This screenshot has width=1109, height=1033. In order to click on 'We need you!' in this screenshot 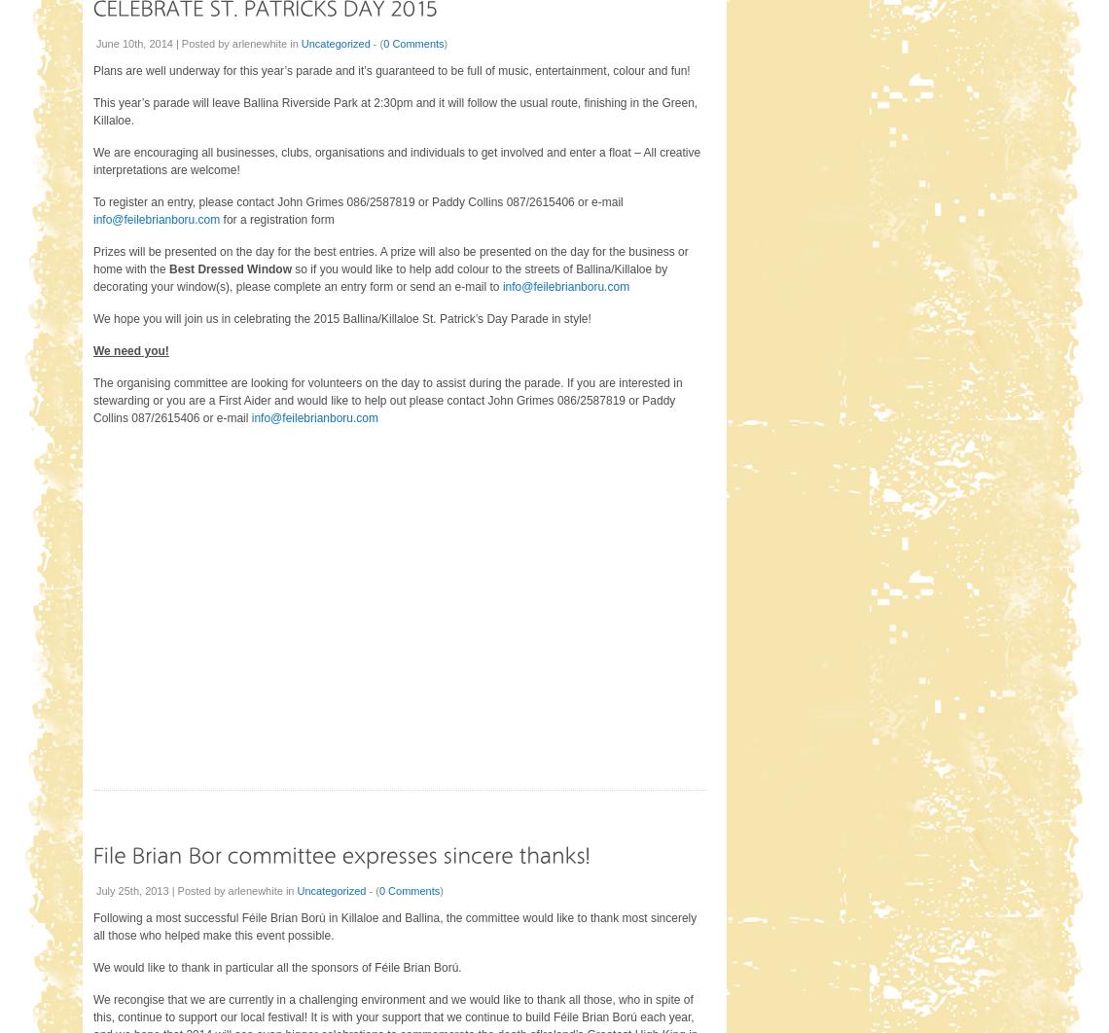, I will do `click(129, 349)`.